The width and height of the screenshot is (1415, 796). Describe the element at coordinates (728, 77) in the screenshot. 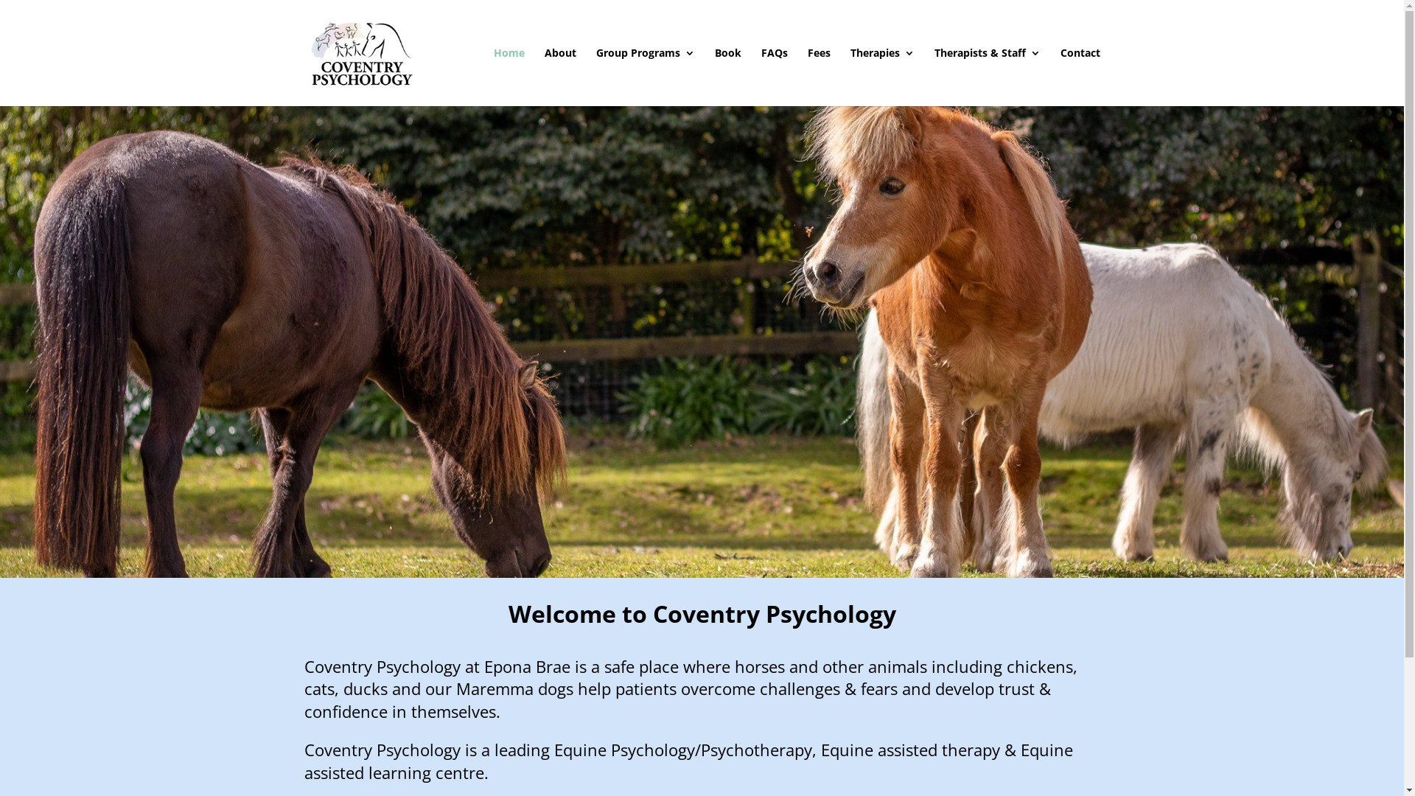

I see `'Book'` at that location.